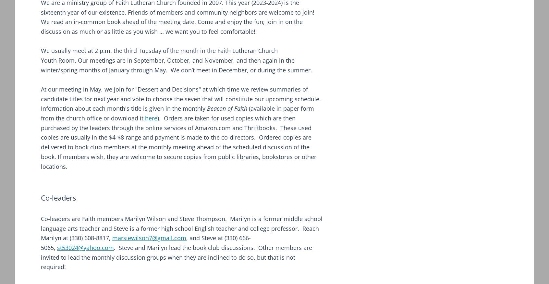  Describe the element at coordinates (227, 108) in the screenshot. I see `'Beacon of Faith'` at that location.